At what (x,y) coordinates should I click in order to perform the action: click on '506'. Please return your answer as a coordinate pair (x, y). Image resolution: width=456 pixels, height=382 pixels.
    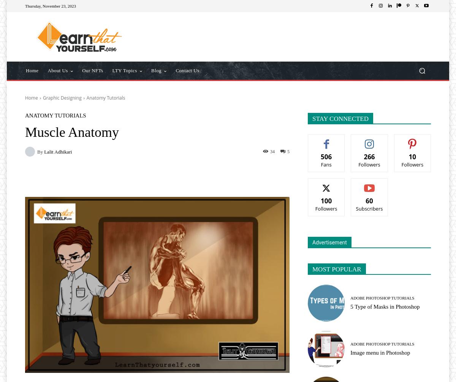
    Looking at the image, I should click on (320, 157).